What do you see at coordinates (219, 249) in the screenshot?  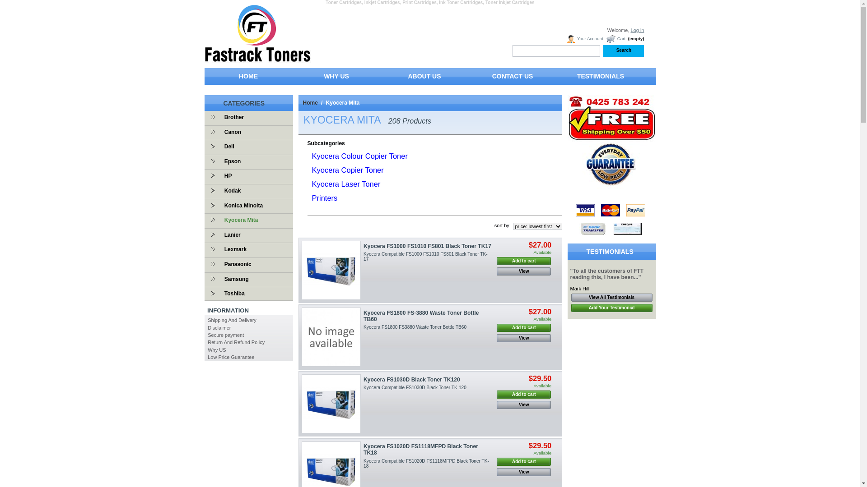 I see `'Lexmark'` at bounding box center [219, 249].